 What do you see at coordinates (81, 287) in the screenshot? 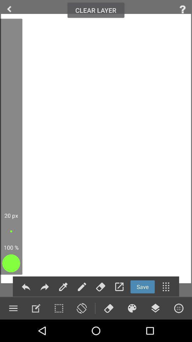
I see `the edit icon` at bounding box center [81, 287].